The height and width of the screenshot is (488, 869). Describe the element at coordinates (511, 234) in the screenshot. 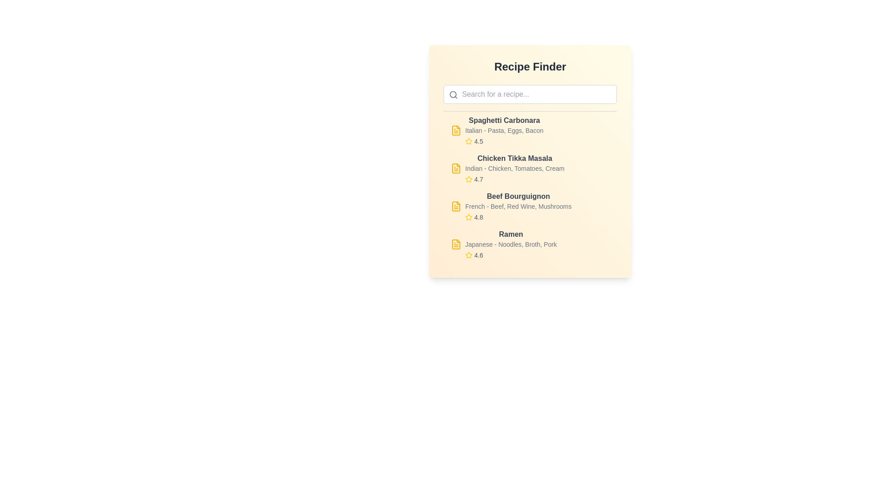

I see `label displaying the bold text 'Ramen' which is part of the recipe listing and is positioned above the description text in the fourth item of the vertical recipe list` at that location.